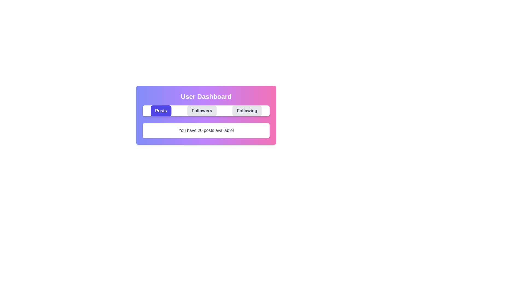 This screenshot has width=525, height=295. What do you see at coordinates (206, 131) in the screenshot?
I see `text from the Text Label that displays 'You have 20 posts available!' located at the bottom section of the gradient-styled dashboard` at bounding box center [206, 131].